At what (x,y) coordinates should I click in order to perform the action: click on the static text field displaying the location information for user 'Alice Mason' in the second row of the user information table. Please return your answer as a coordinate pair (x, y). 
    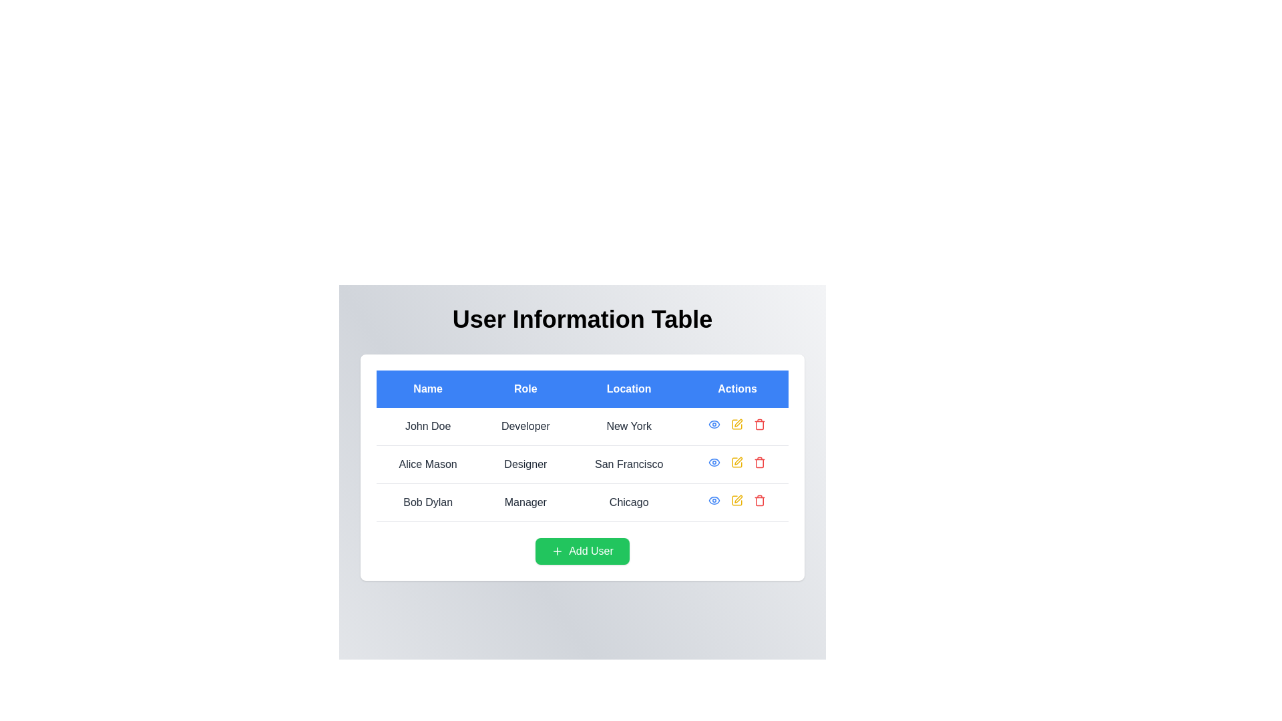
    Looking at the image, I should click on (628, 463).